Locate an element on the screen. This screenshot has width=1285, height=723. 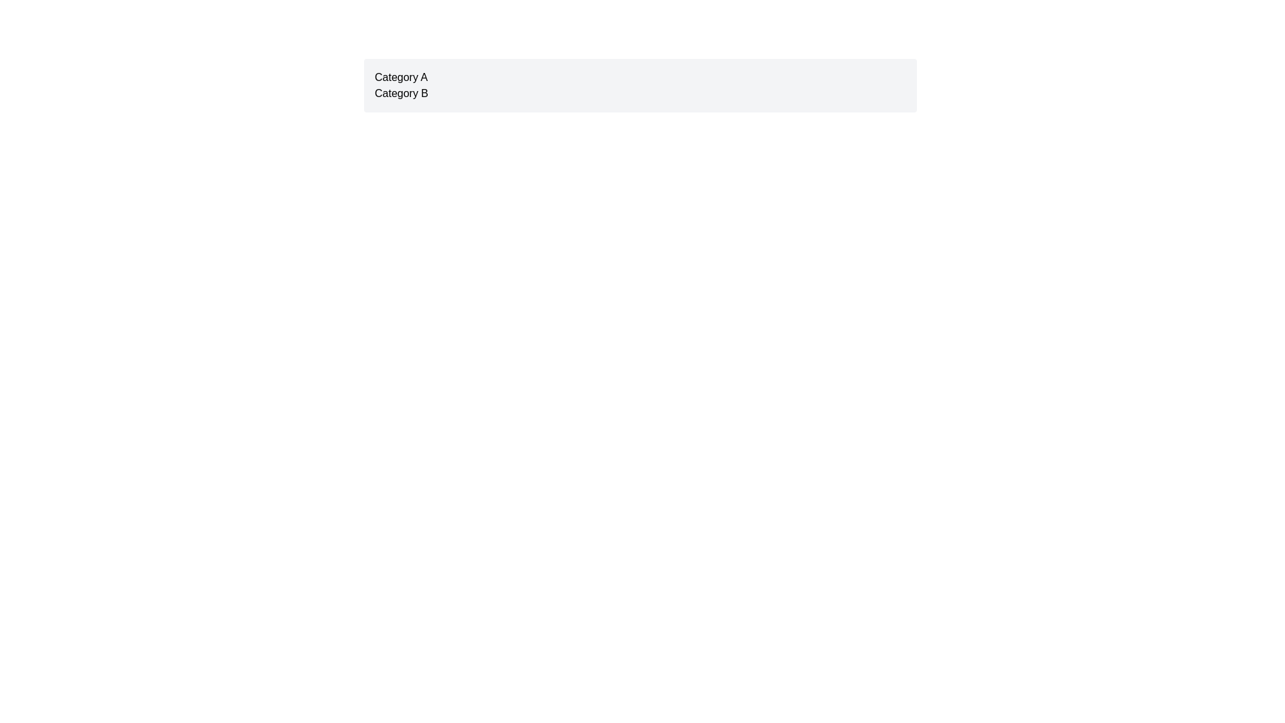
the 'Category B' interactive label is located at coordinates (401, 92).